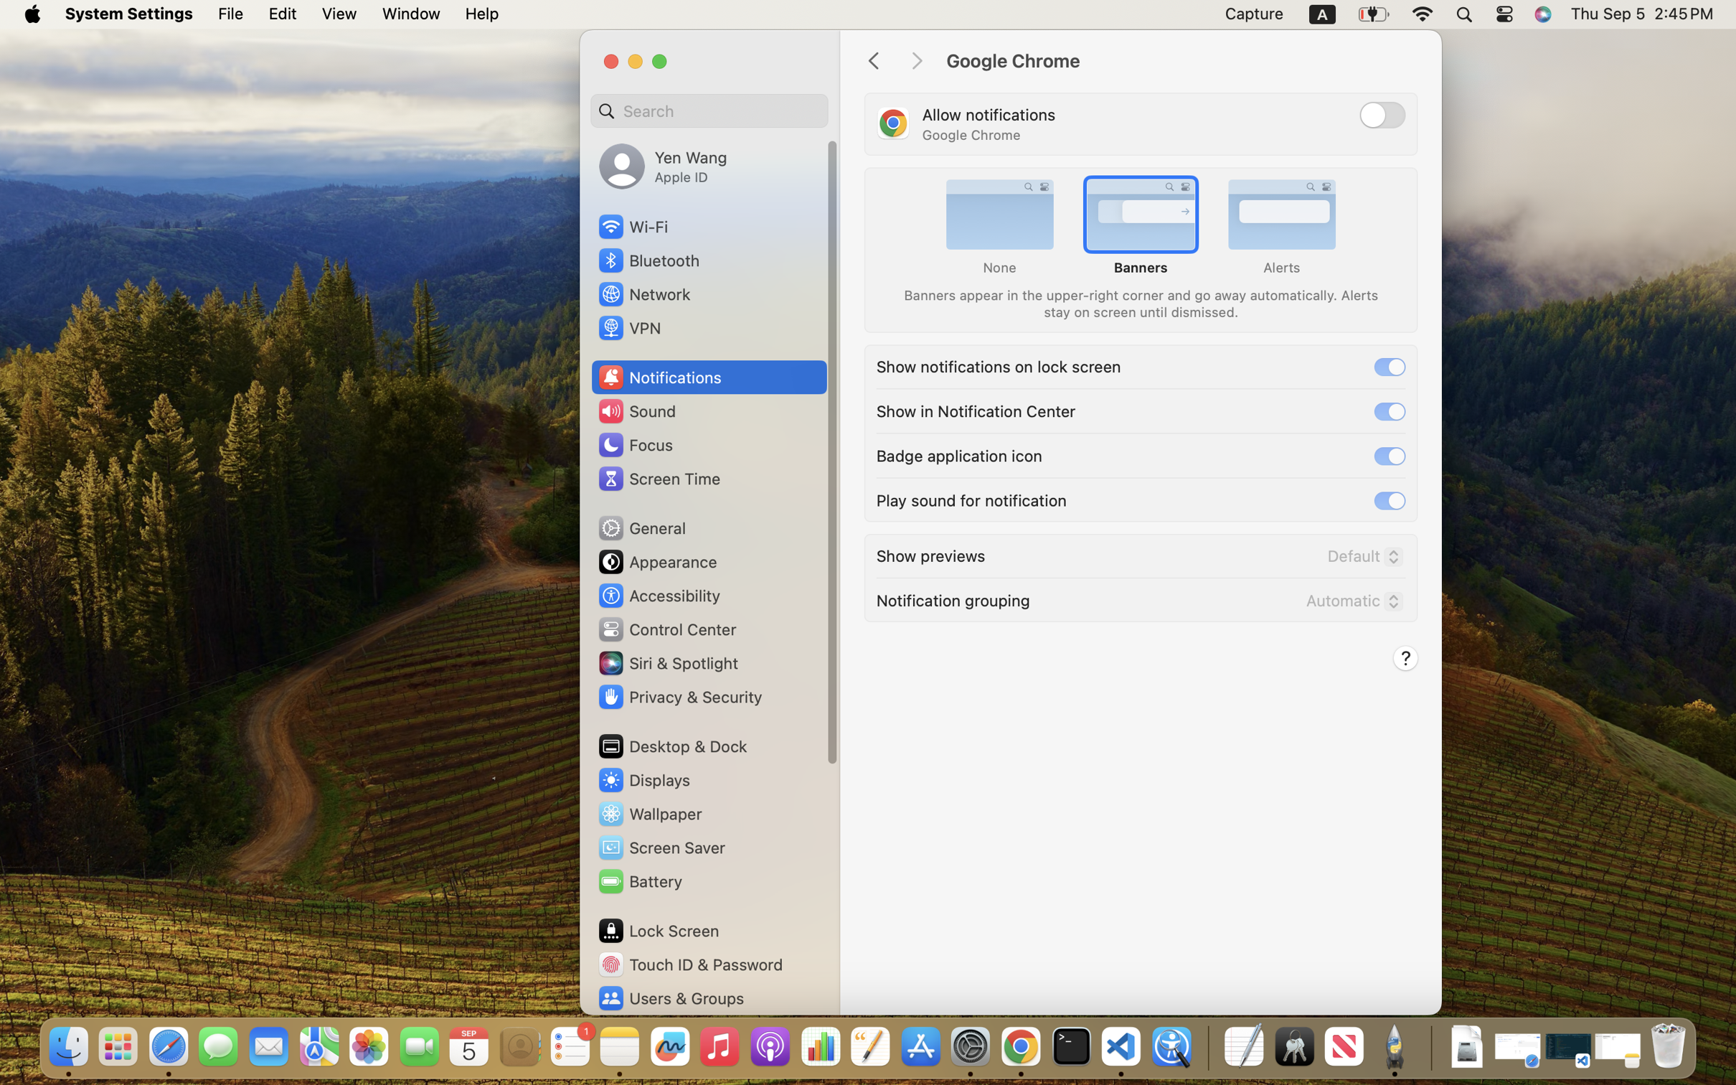 Image resolution: width=1736 pixels, height=1085 pixels. Describe the element at coordinates (659, 596) in the screenshot. I see `'Accessibility'` at that location.